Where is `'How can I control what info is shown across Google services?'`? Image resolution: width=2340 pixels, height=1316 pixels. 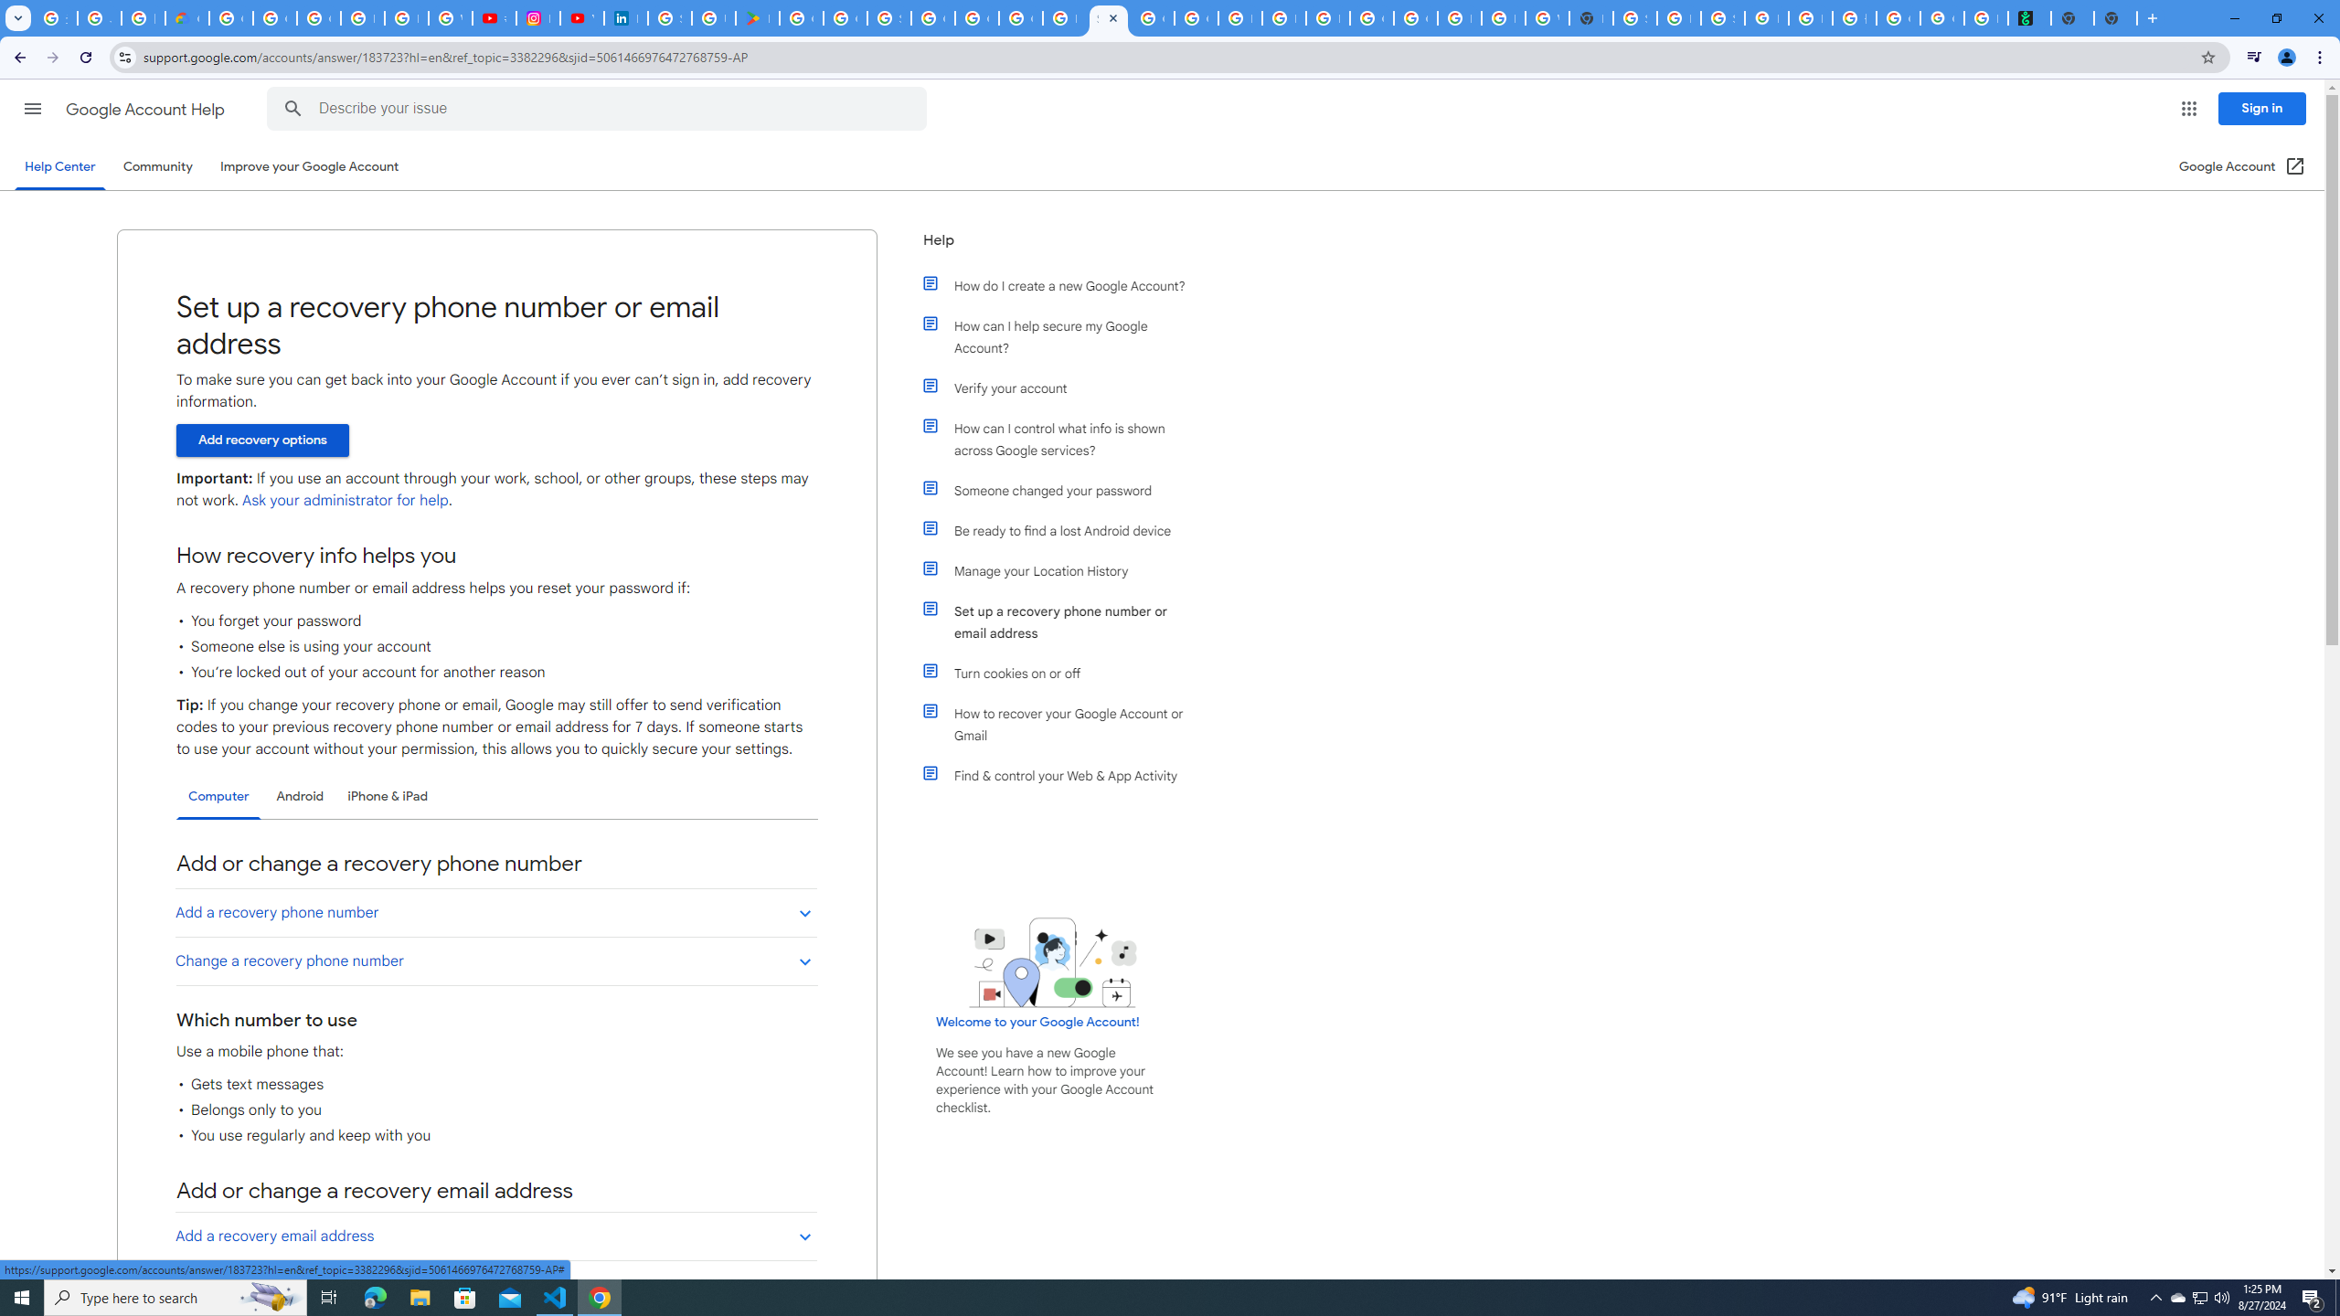 'How can I control what info is shown across Google services?' is located at coordinates (1062, 438).